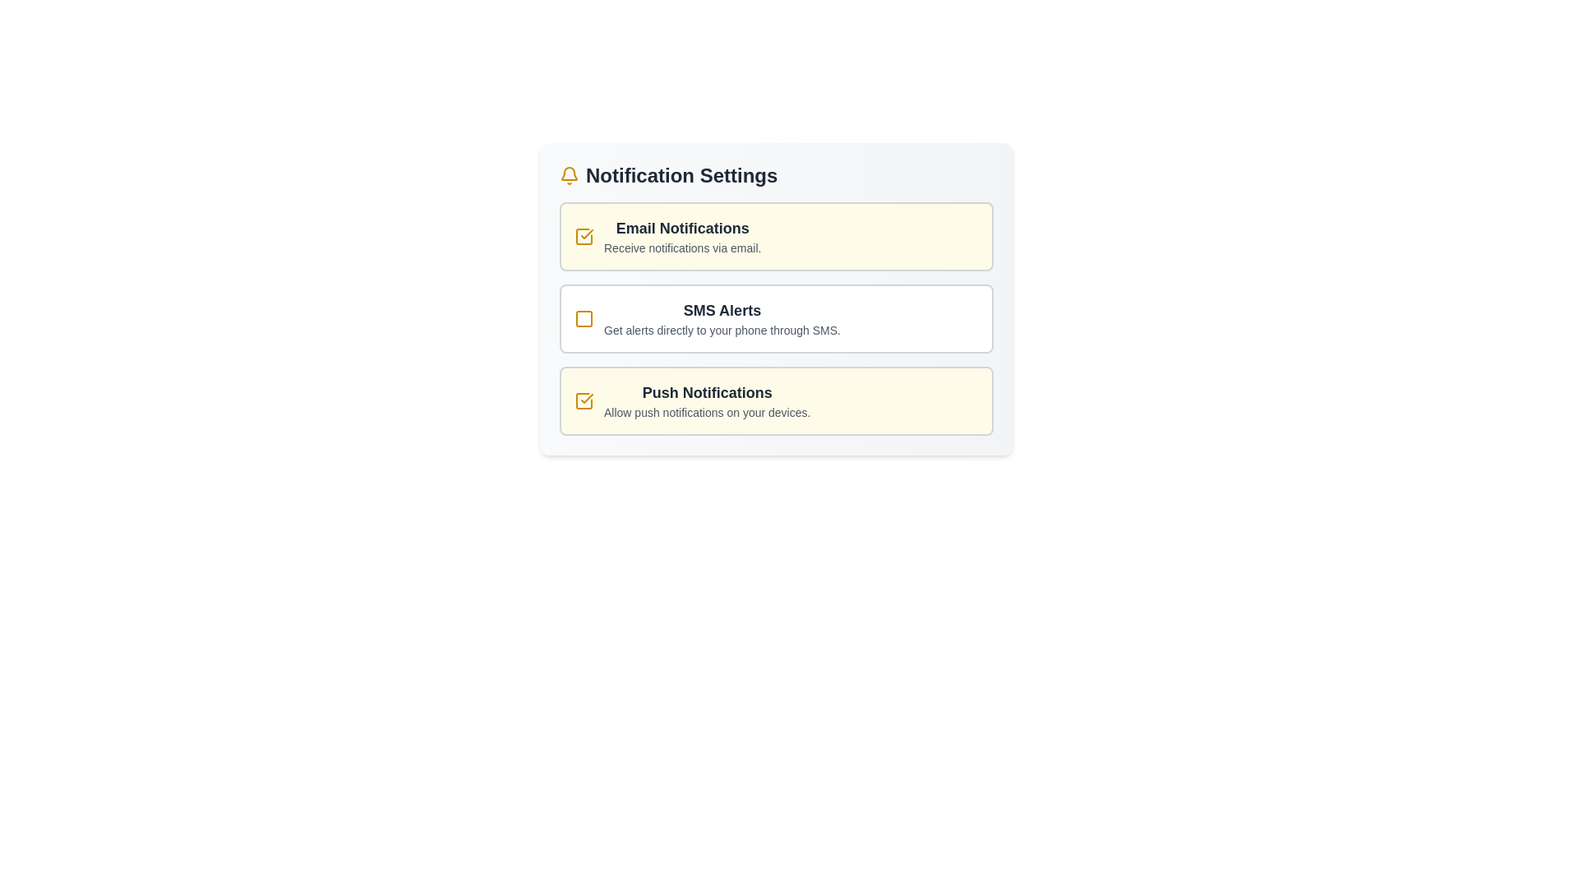 The height and width of the screenshot is (888, 1578). What do you see at coordinates (722, 311) in the screenshot?
I see `the title text label for the SMS notification setting option, which is located centrally in the second option block of the notification settings list` at bounding box center [722, 311].